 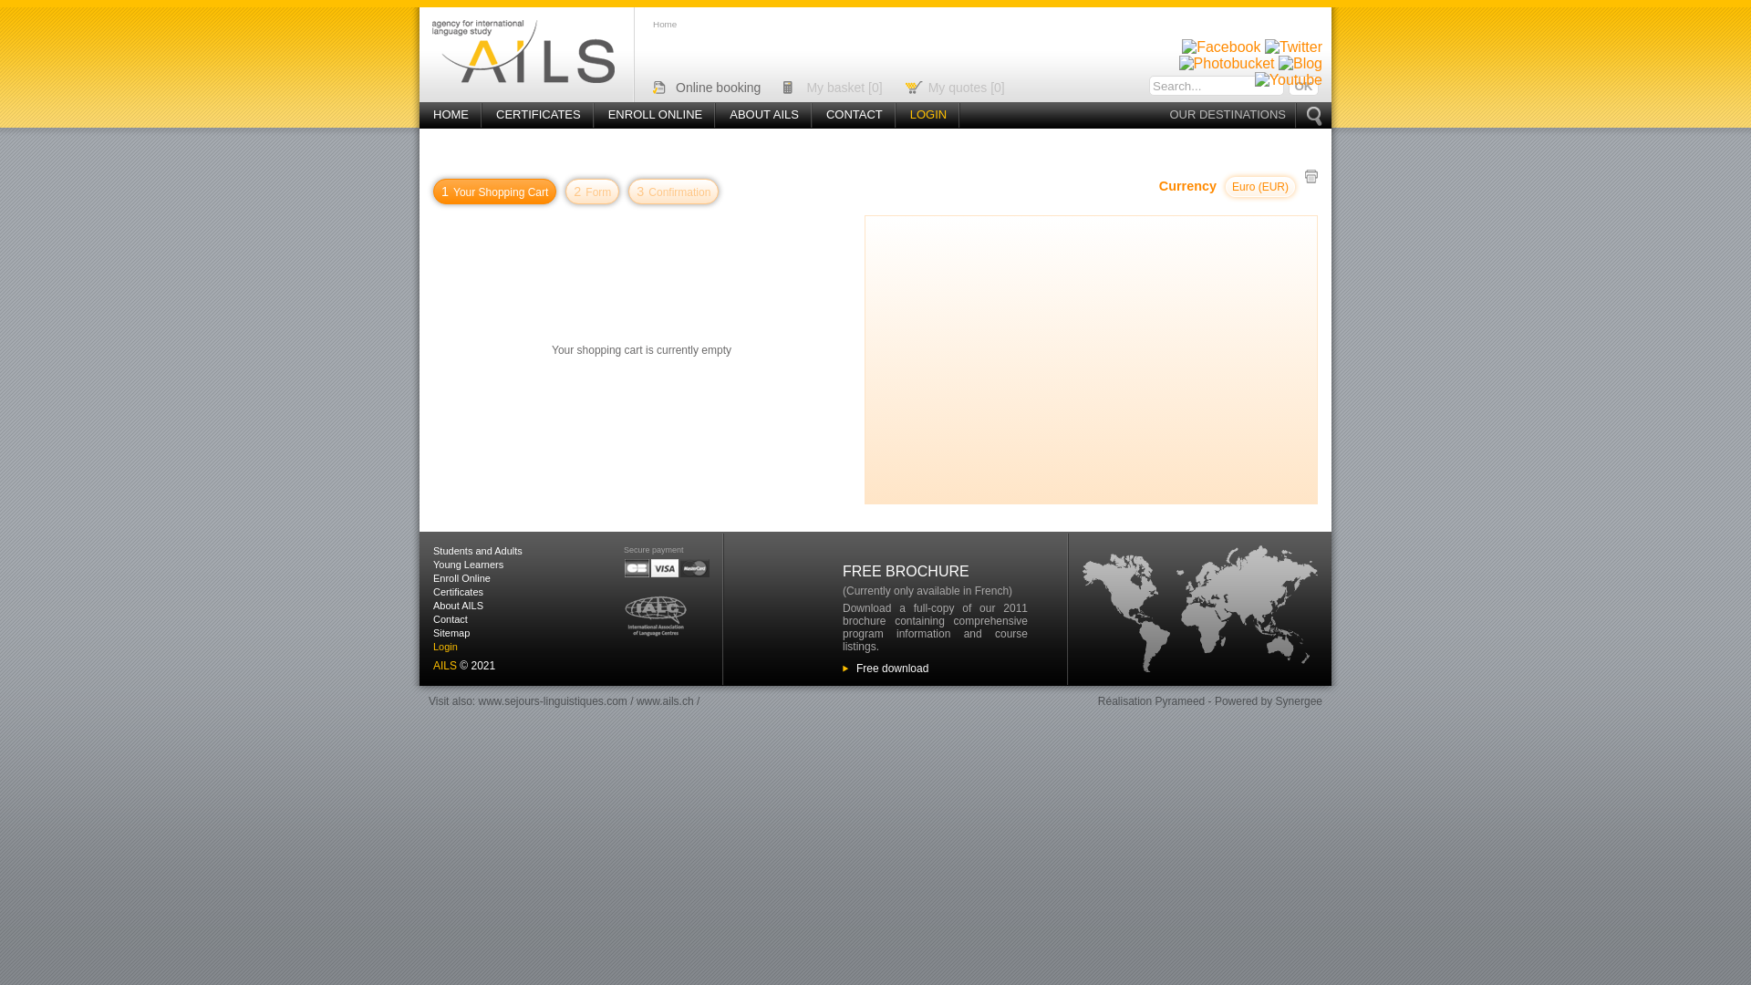 I want to click on 'Login', so click(x=445, y=646).